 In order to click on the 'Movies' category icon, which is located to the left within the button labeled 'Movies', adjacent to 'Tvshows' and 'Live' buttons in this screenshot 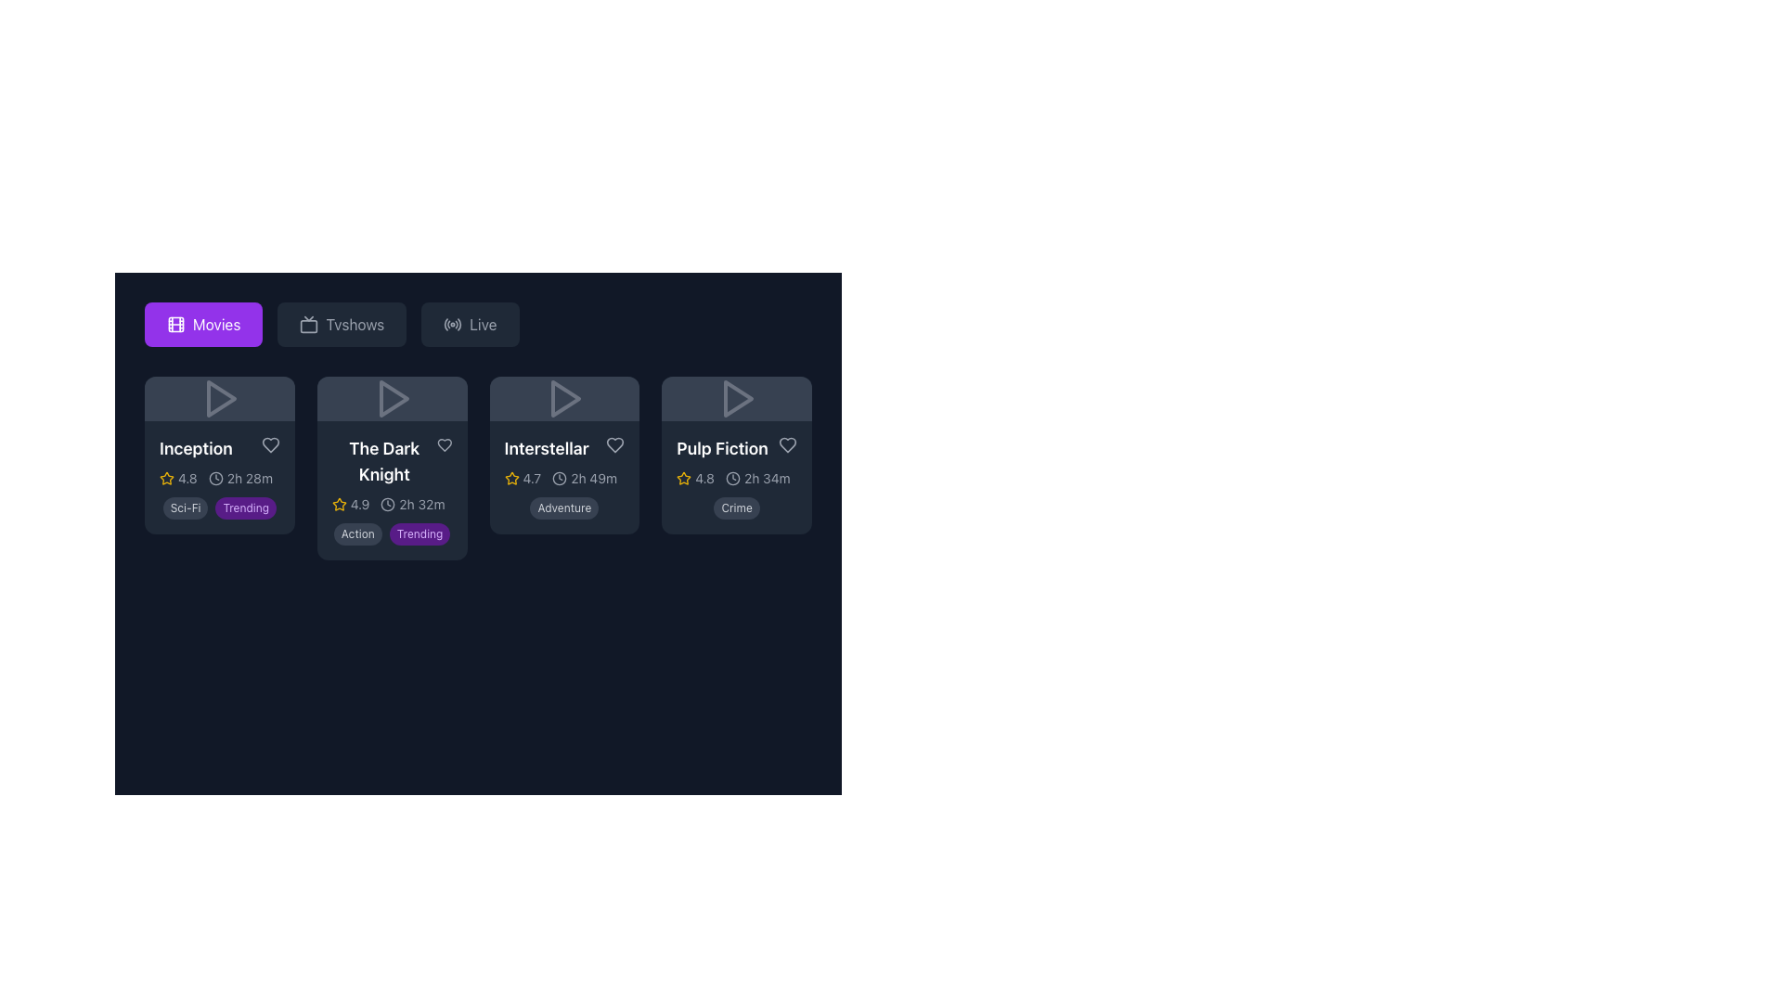, I will do `click(176, 324)`.